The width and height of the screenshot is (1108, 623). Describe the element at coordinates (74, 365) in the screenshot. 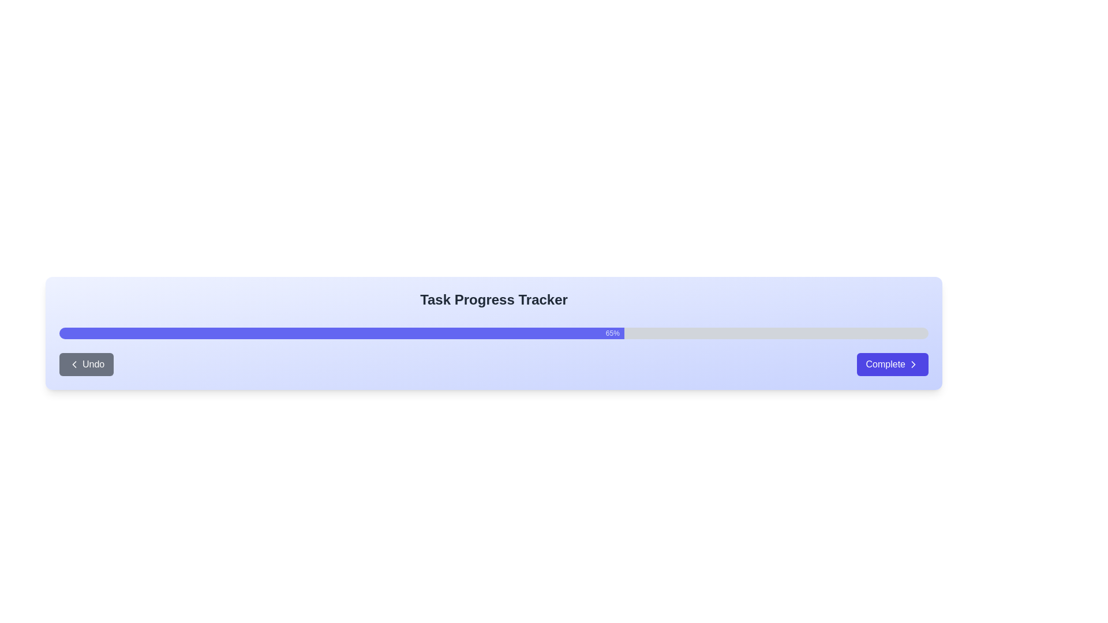

I see `the 'Undo' icon located at the left side of the 'Undo' button in the bottom-left corner of the interface` at that location.